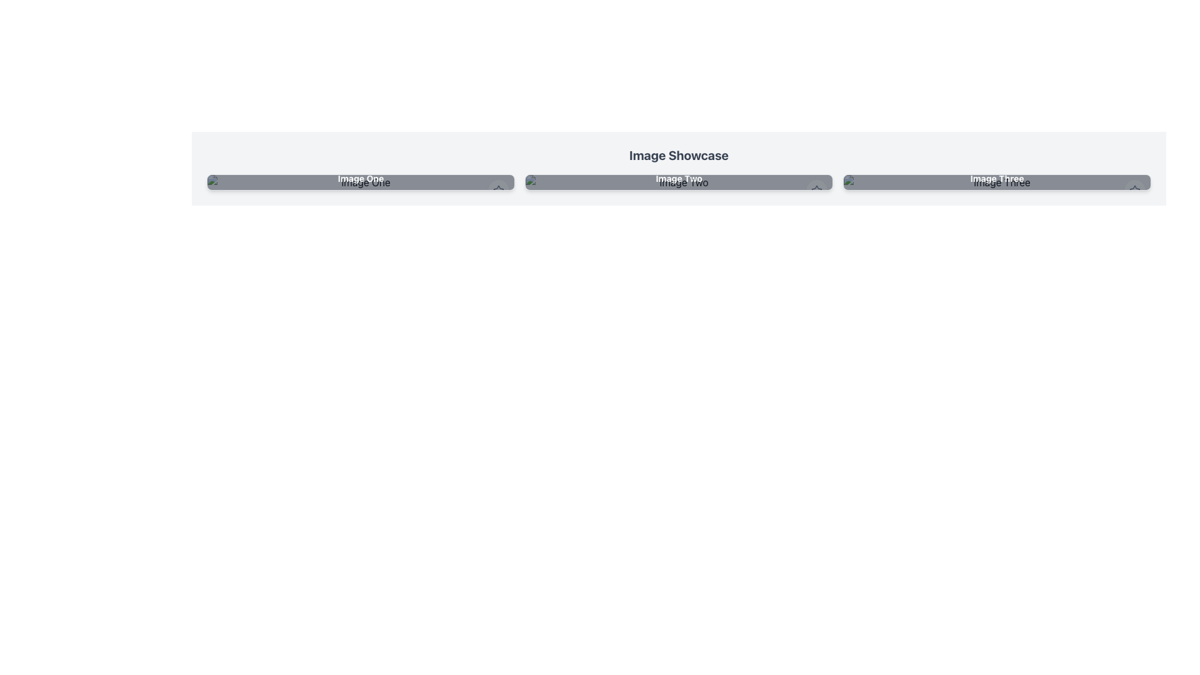 The height and width of the screenshot is (675, 1200). I want to click on the star icon located in the upper-right corner of the 'Image One' component to mark or rate the associated item, so click(497, 190).